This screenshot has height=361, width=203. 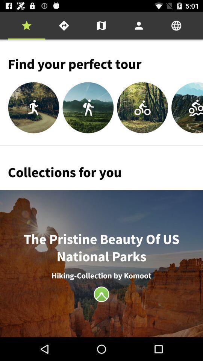 I want to click on the item above the find your perfect icon, so click(x=64, y=26).